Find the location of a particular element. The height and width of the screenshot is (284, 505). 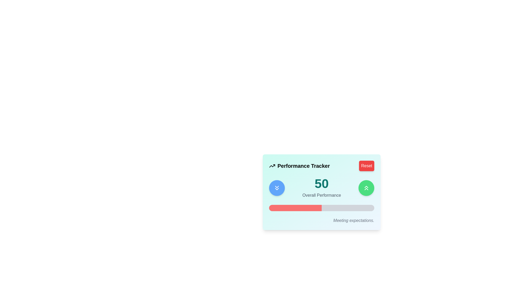

performance level is located at coordinates (310, 207).